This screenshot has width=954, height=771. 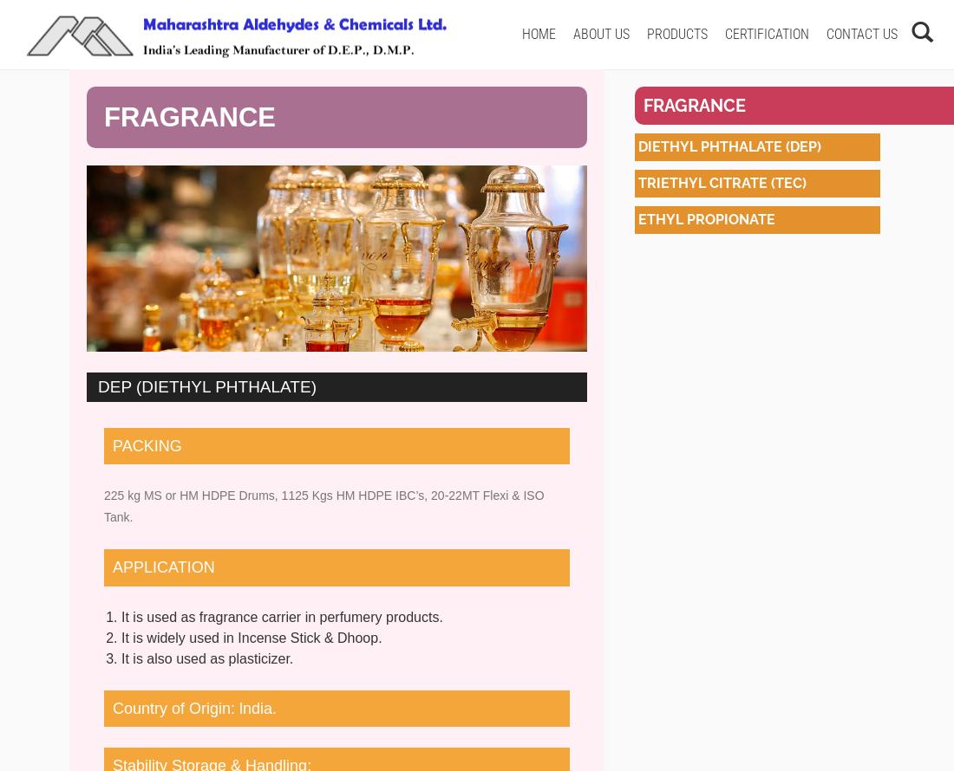 I want to click on 'Contact Us', so click(x=860, y=34).